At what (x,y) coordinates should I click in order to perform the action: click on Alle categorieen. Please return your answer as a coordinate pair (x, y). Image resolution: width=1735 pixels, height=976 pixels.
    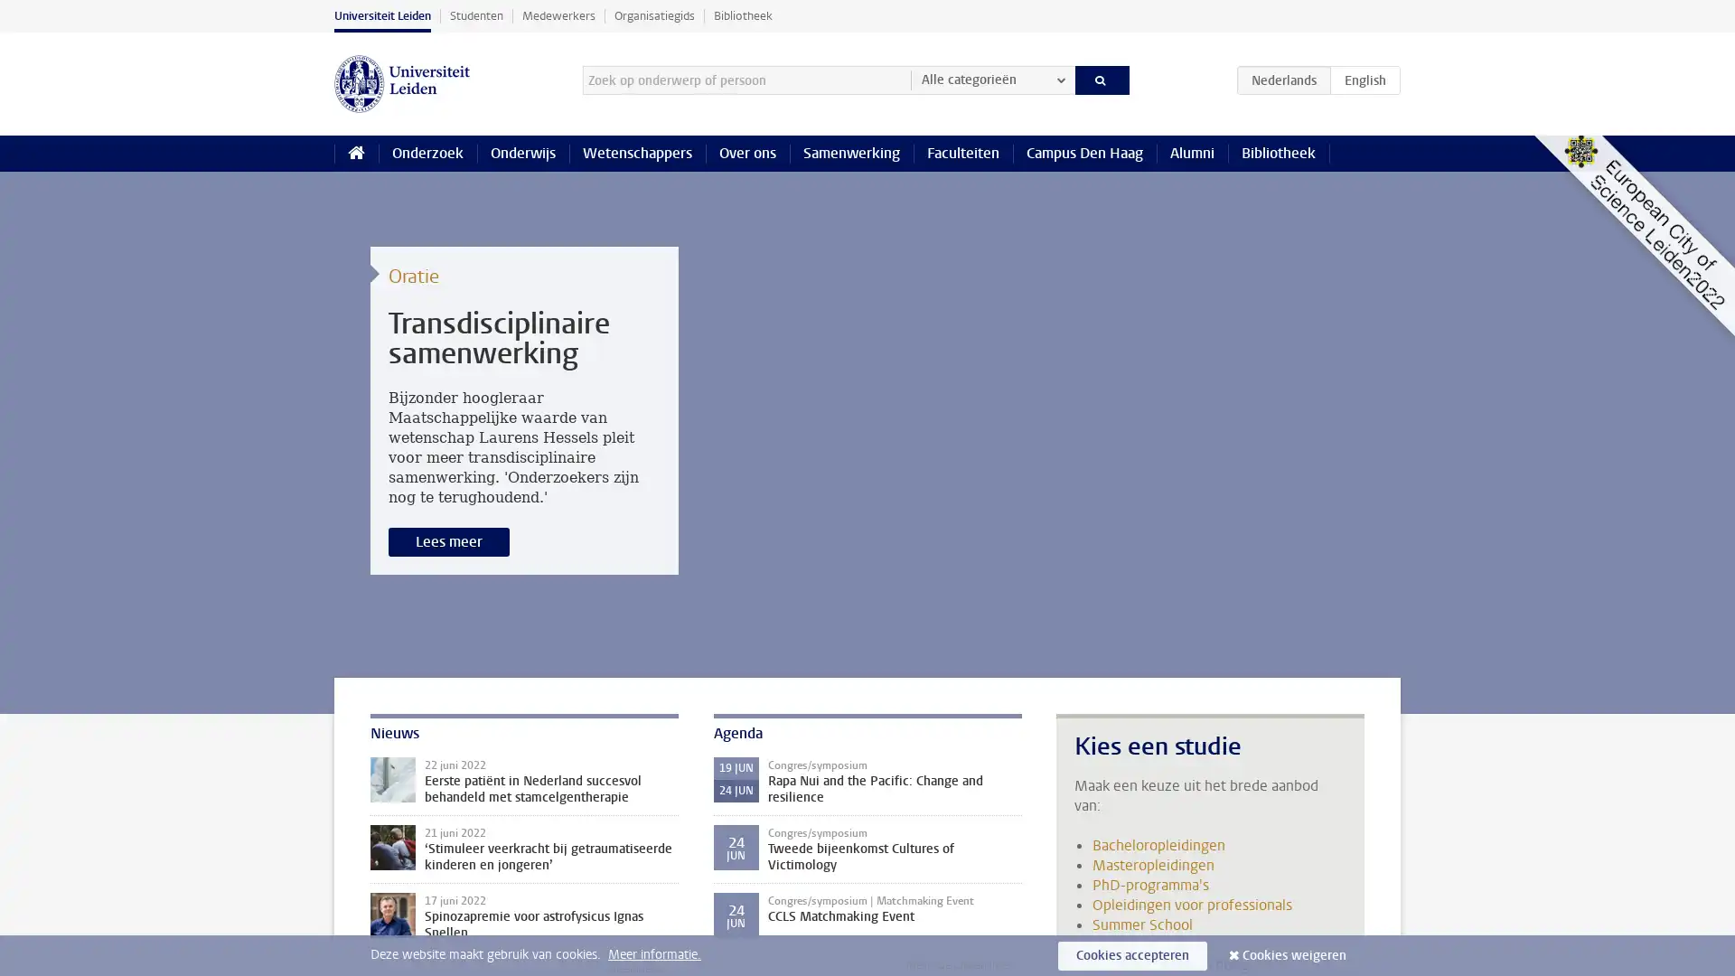
    Looking at the image, I should click on (991, 79).